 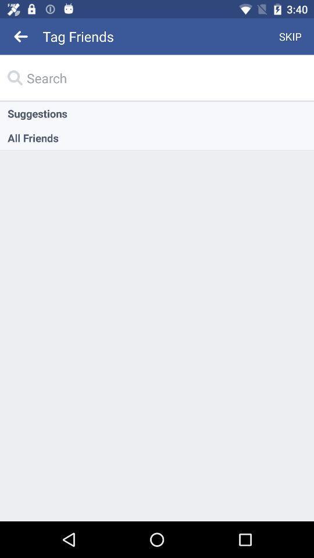 I want to click on item above search icon, so click(x=21, y=36).